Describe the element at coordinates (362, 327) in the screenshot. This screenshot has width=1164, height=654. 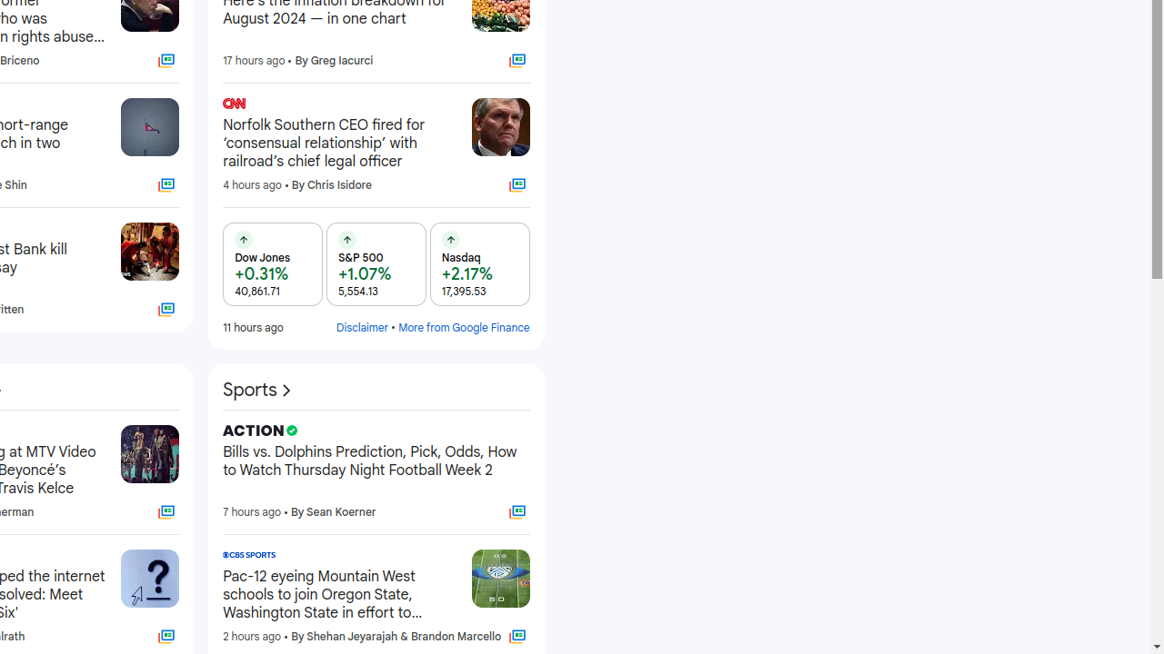
I see `'Disclaimer'` at that location.